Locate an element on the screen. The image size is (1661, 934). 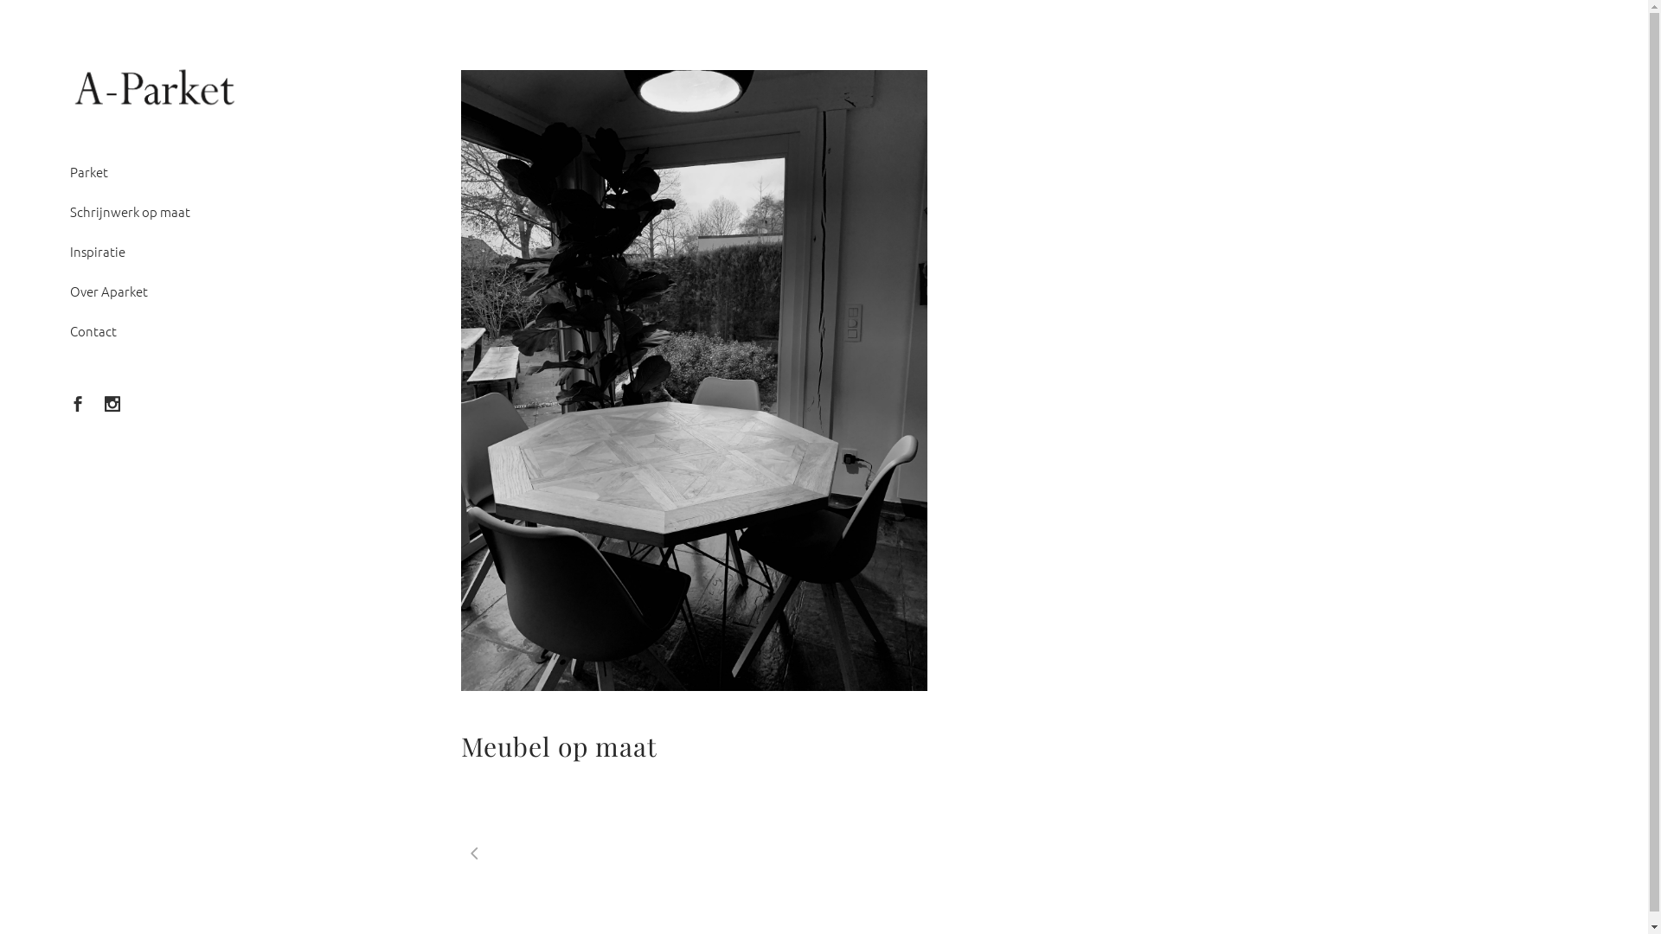
'Schrijnwerk op maat' is located at coordinates (155, 211).